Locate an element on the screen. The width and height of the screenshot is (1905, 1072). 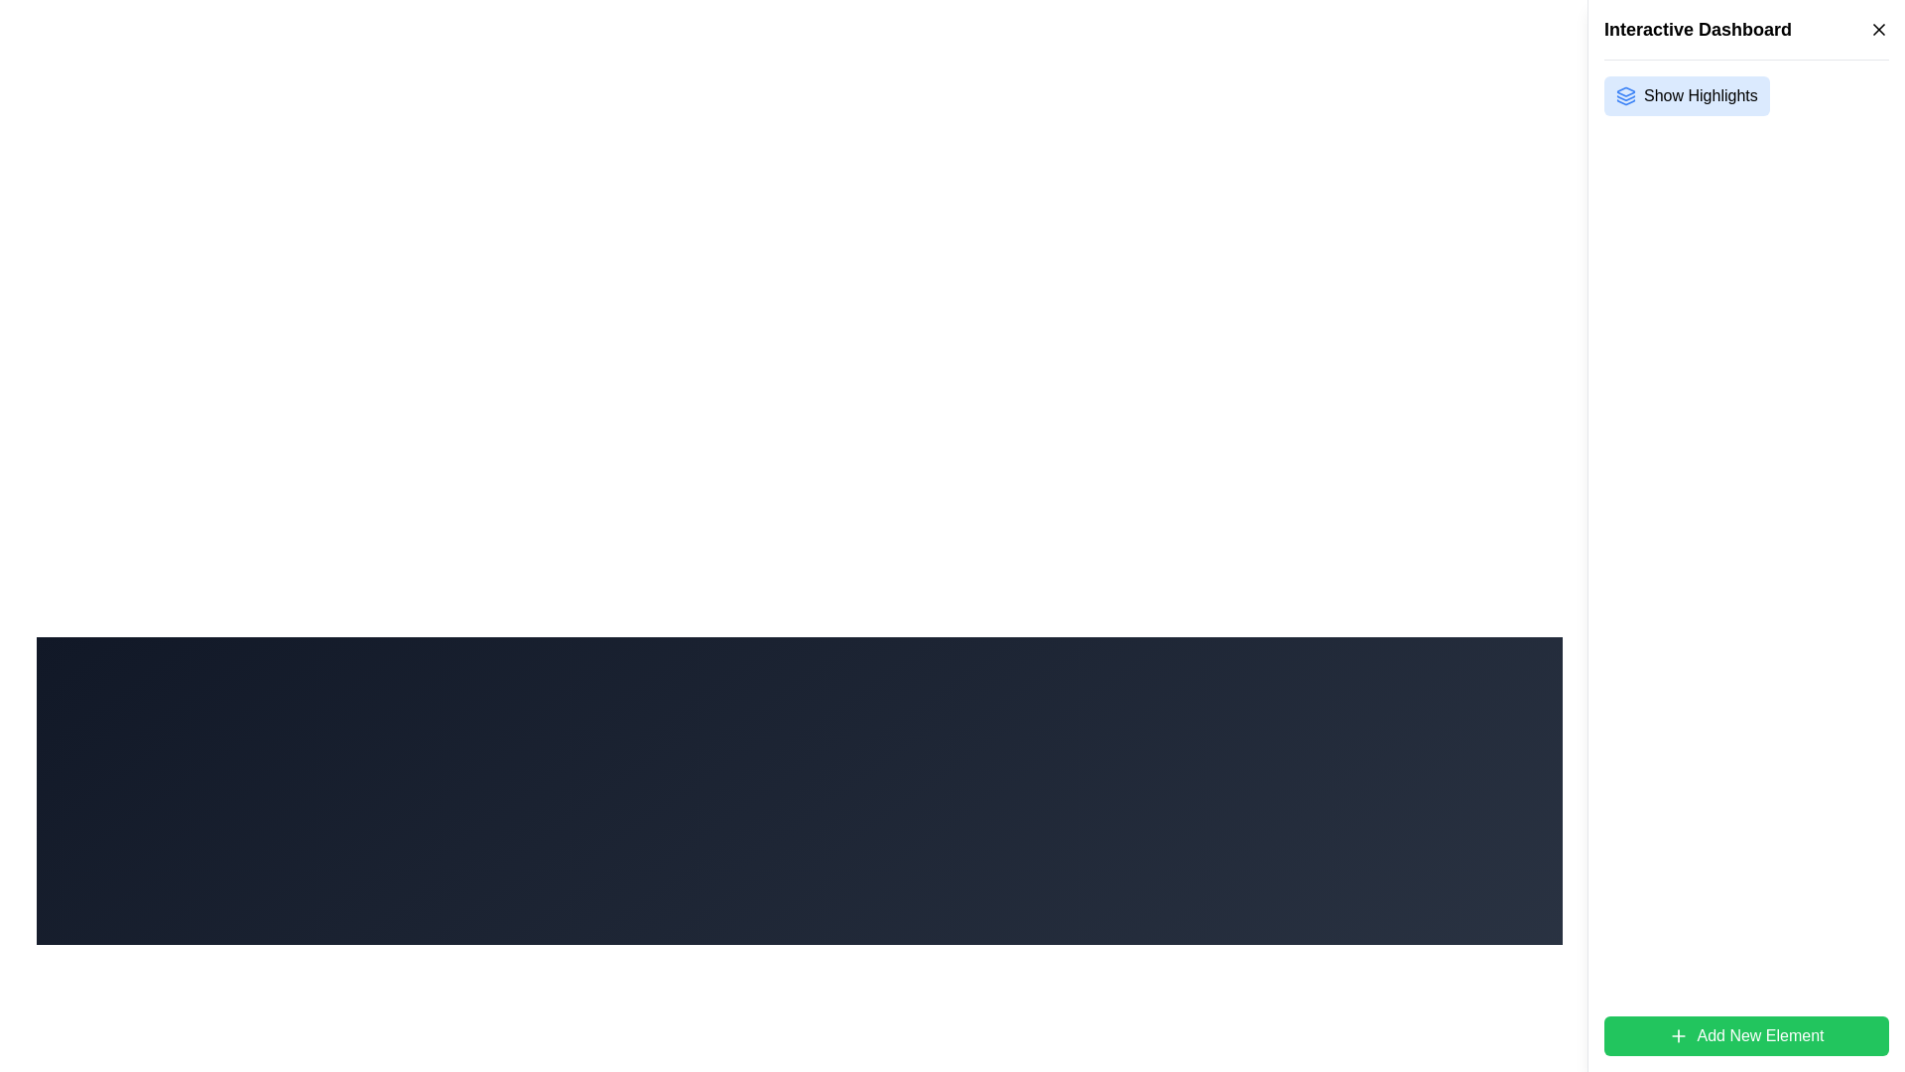
the close button located at the top-right corner of the 'Interactive Dashboard' section, which allows users is located at coordinates (1878, 30).